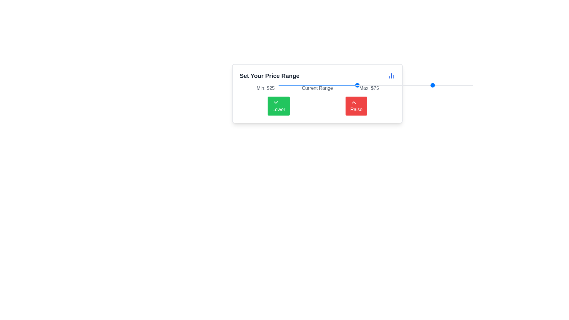  What do you see at coordinates (369, 88) in the screenshot?
I see `the label element that reads 'Max: $75', positioned to the right of 'Current Range' under the 'Set Your Price Range' header` at bounding box center [369, 88].